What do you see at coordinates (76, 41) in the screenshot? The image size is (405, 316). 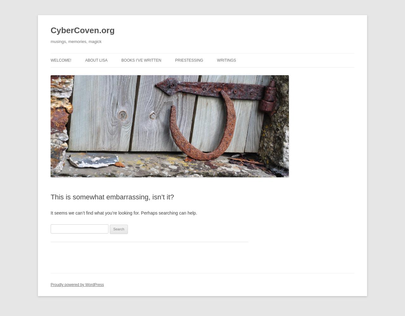 I see `'musings, memories, magick'` at bounding box center [76, 41].